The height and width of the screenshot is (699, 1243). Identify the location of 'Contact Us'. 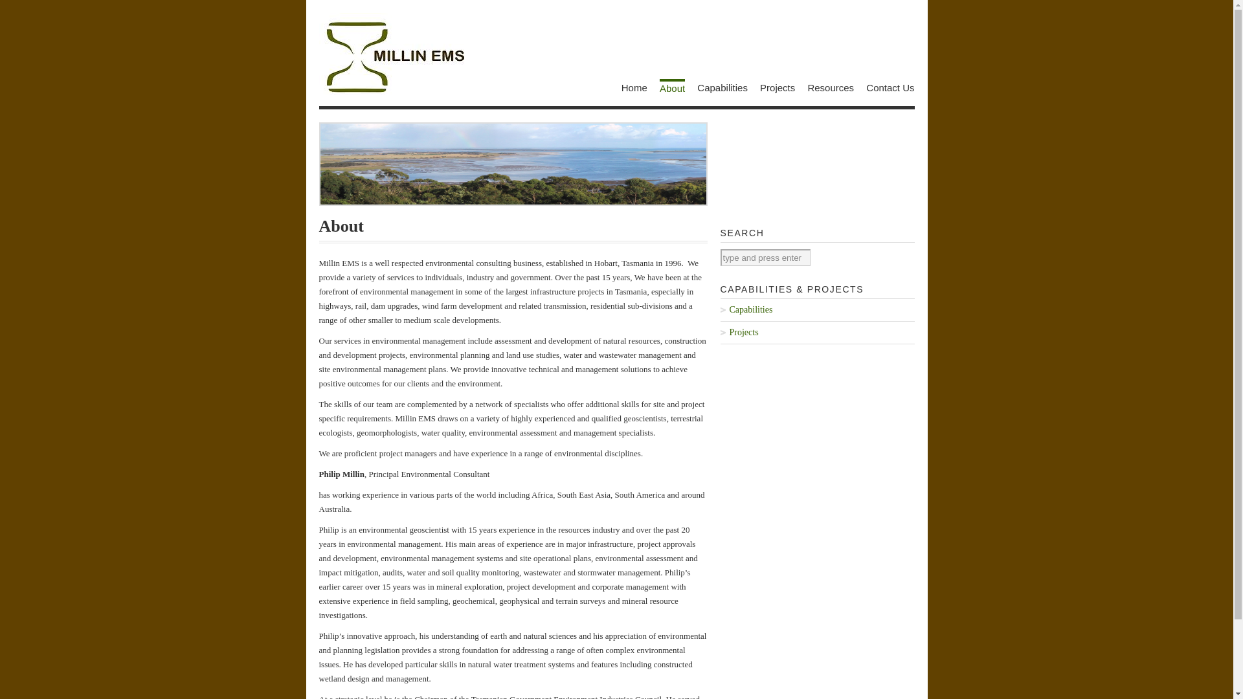
(866, 87).